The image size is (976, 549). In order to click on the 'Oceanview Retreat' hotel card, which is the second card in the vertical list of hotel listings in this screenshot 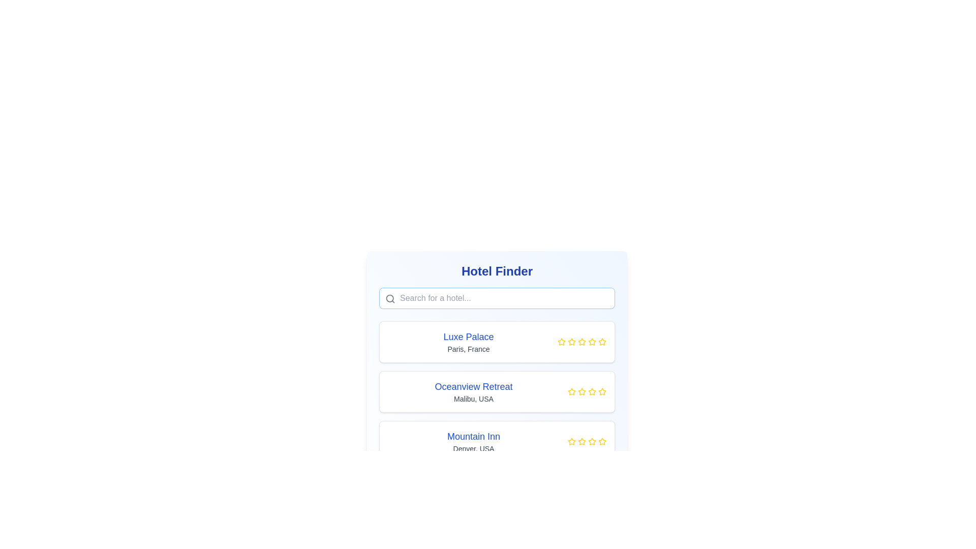, I will do `click(497, 391)`.